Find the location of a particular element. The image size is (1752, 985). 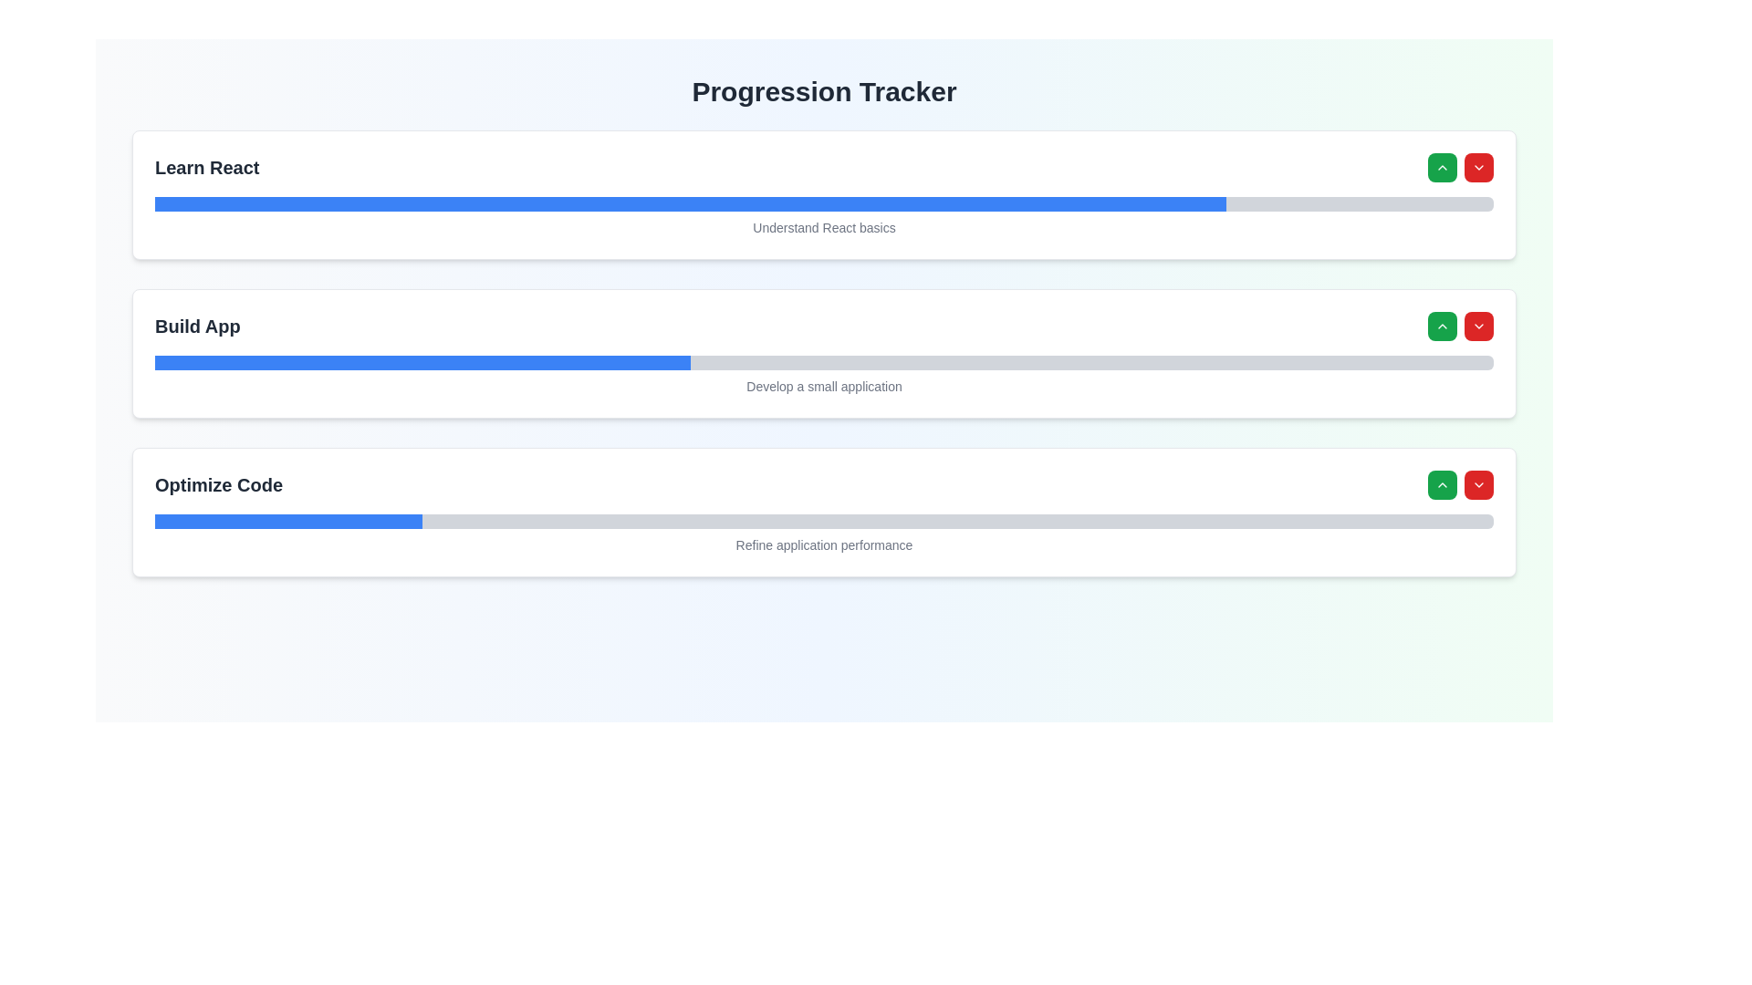

the text label that provides a brief description related to the 'Learn React' task, located below the progress bar in the 'Learn React' card on the progression tracker interface is located at coordinates (823, 223).